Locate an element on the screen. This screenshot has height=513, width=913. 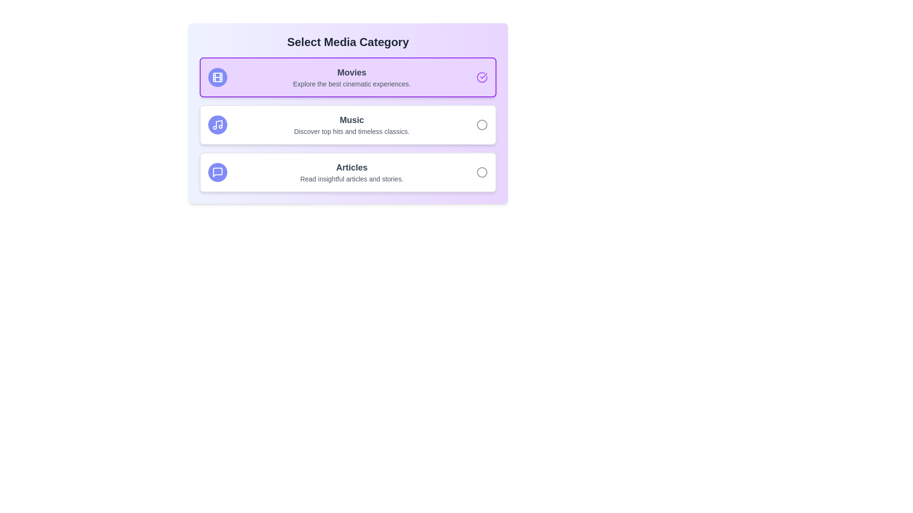
the light blue rectangular icon with rounded corners that represents video media, located in the first item (Movies) of a vertical list of category options is located at coordinates (217, 76).